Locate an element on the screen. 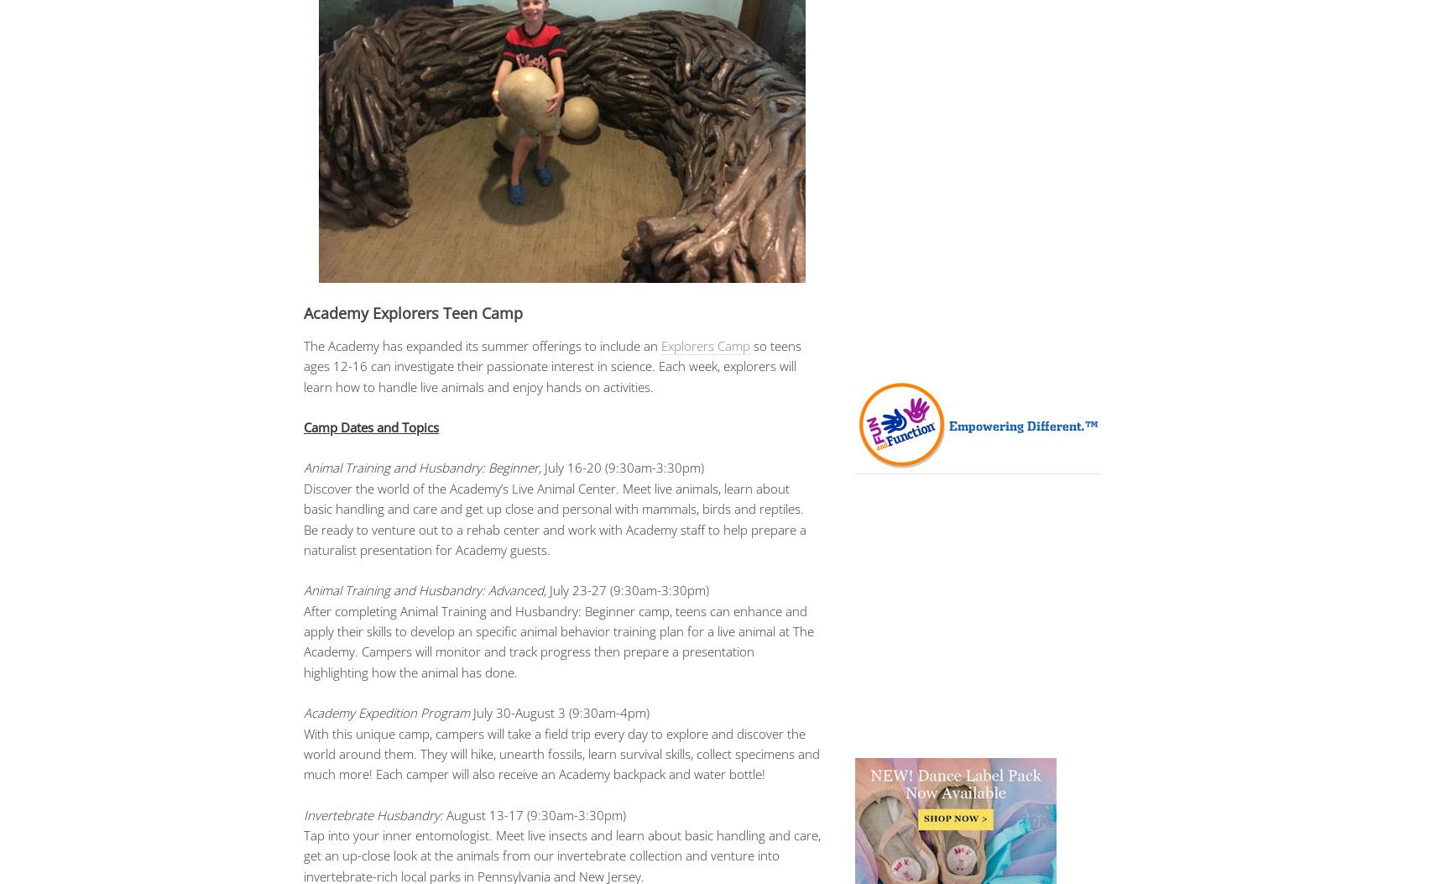 The width and height of the screenshot is (1430, 884). 'so teens ages 12-16 can investigate their passionate interest in science. Each week, explorers will learn how to handle live animals and enjoy hands on activities.' is located at coordinates (551, 364).